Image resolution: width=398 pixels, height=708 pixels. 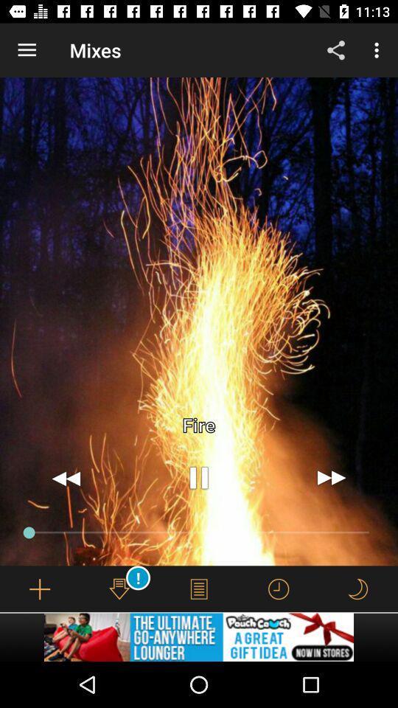 I want to click on open advert, so click(x=199, y=636).